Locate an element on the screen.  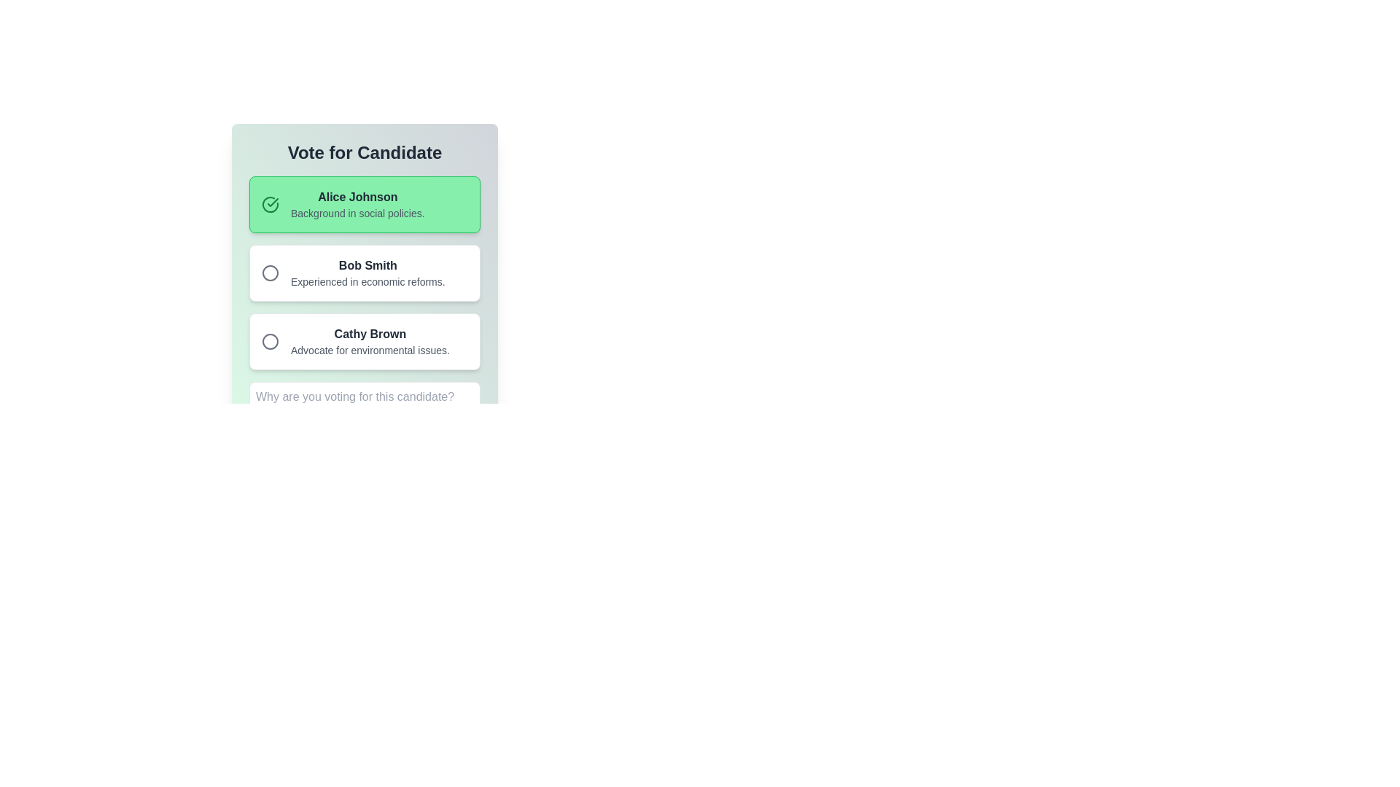
the Option Card for 'Cathy Brown', which is the third card in the 'Vote for Candidate' section is located at coordinates (365, 342).